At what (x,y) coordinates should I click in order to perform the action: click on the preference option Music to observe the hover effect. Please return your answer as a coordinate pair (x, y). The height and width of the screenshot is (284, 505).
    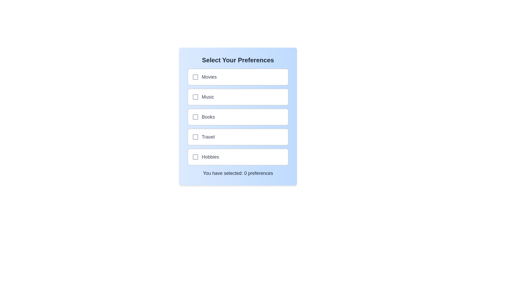
    Looking at the image, I should click on (238, 97).